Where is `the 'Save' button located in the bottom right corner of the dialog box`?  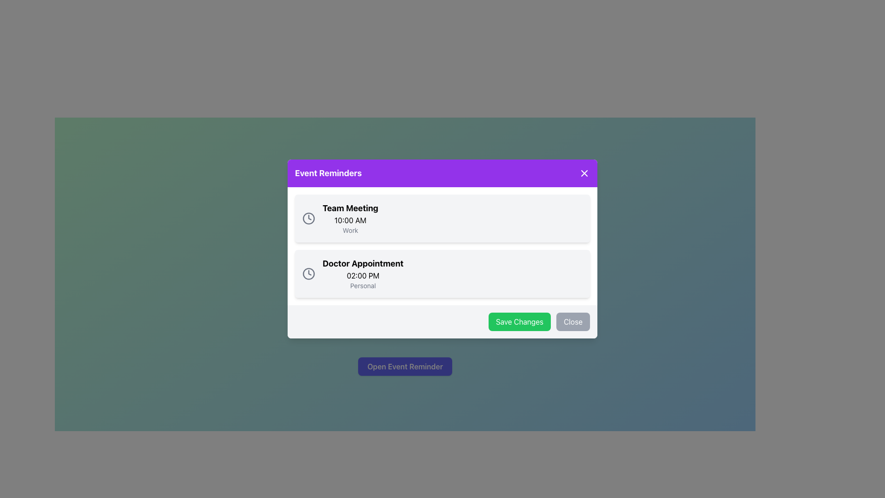
the 'Save' button located in the bottom right corner of the dialog box is located at coordinates (519, 321).